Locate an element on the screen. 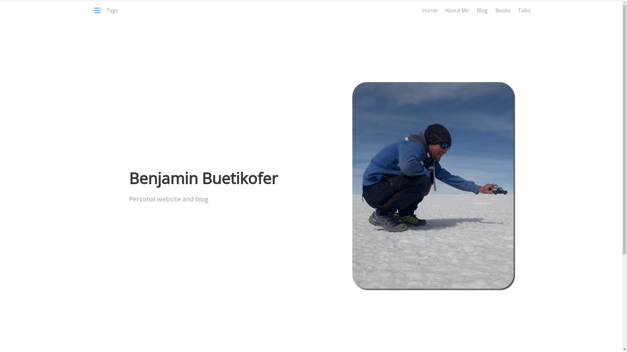 The height and width of the screenshot is (352, 627). 'About Me' is located at coordinates (456, 10).